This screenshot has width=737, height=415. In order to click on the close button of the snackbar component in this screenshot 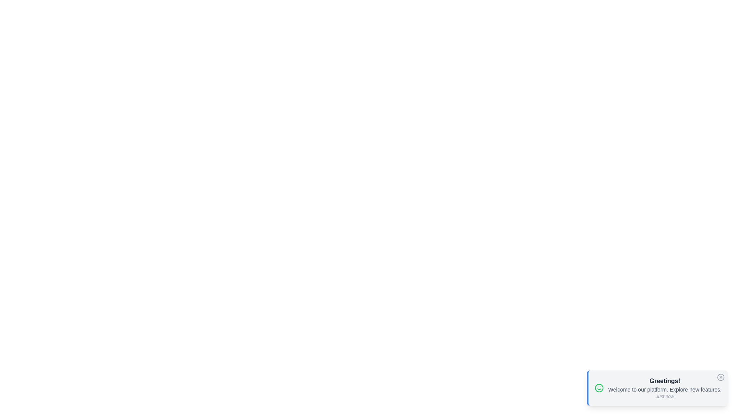, I will do `click(720, 377)`.